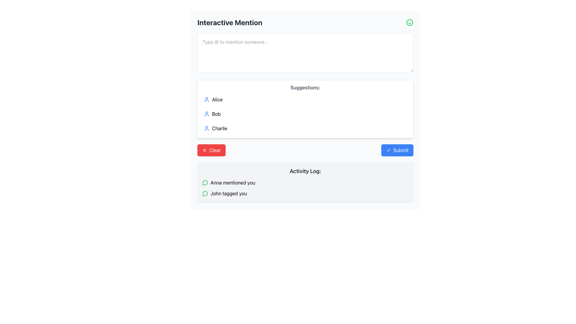  What do you see at coordinates (207, 99) in the screenshot?
I see `the user icon representing 'Alice' in the suggestions list, which is located in the upper central area of the interface` at bounding box center [207, 99].